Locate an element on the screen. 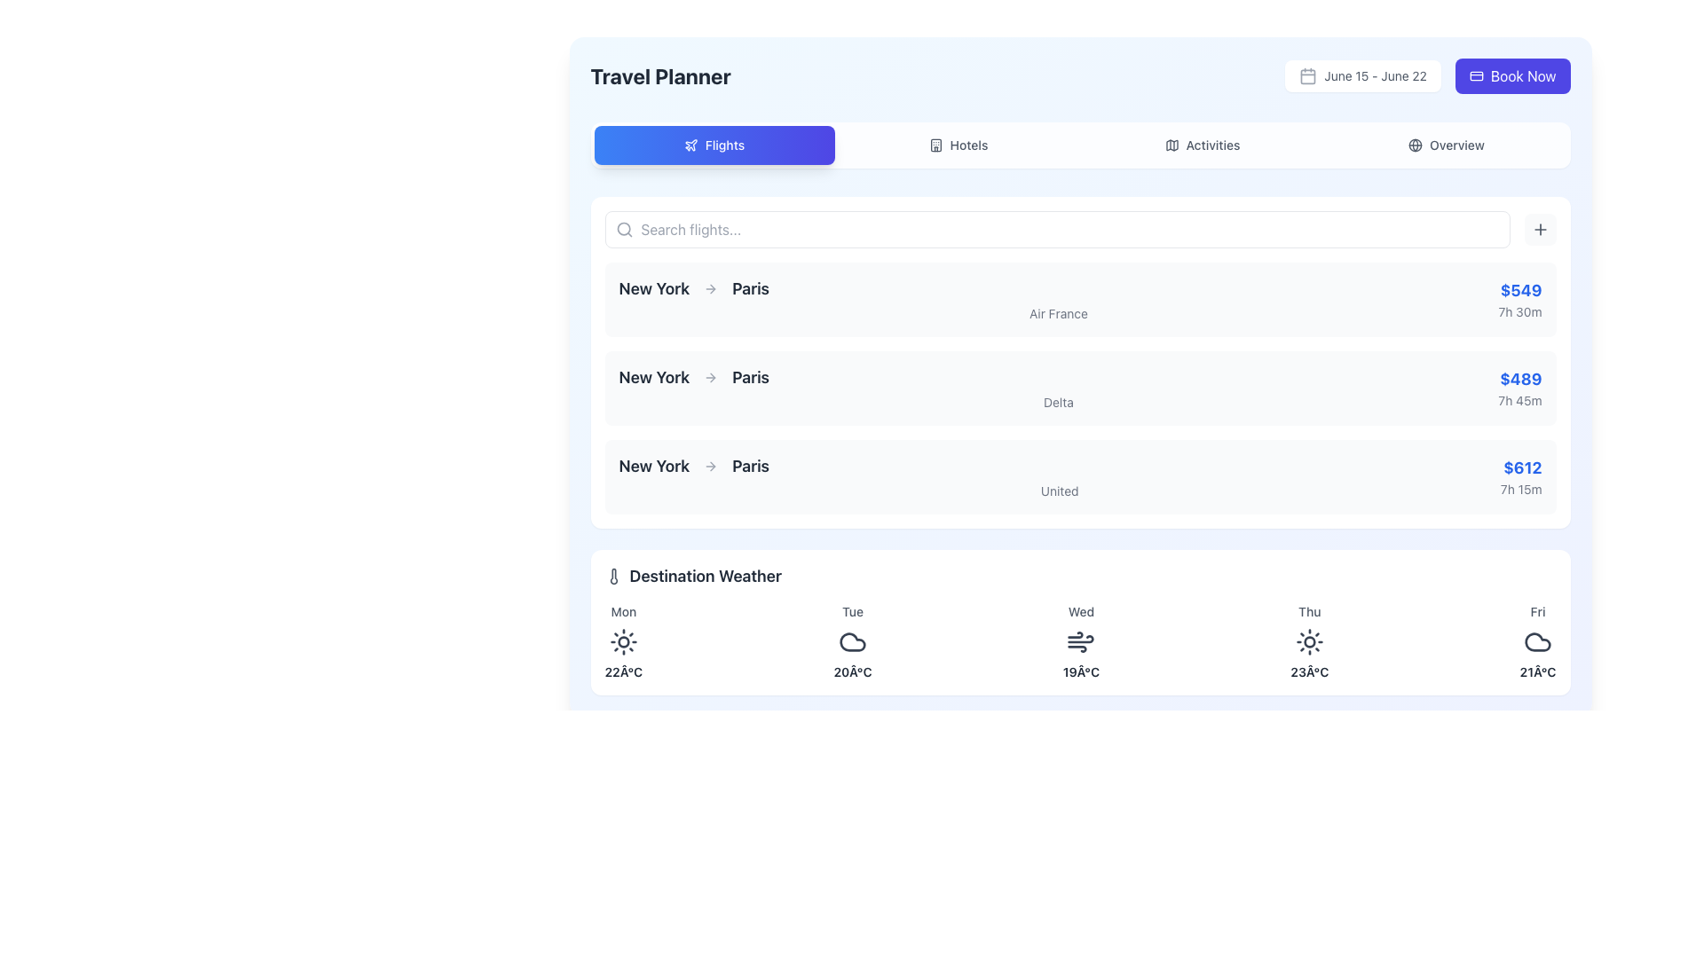 The image size is (1704, 958). the 'Flights' button, which is a rounded rectangular button with a gradient background from blue to indigo, featuring the word 'Flights' and a plane icon, located at the top-left of the menu bar is located at coordinates (714, 145).